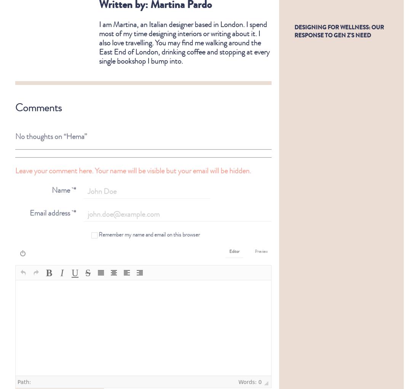 Image resolution: width=419 pixels, height=389 pixels. What do you see at coordinates (234, 245) in the screenshot?
I see `'Editor'` at bounding box center [234, 245].